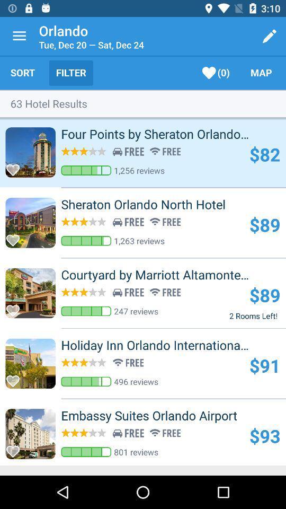 This screenshot has width=286, height=509. Describe the element at coordinates (23, 72) in the screenshot. I see `icon above 63 hotel results item` at that location.